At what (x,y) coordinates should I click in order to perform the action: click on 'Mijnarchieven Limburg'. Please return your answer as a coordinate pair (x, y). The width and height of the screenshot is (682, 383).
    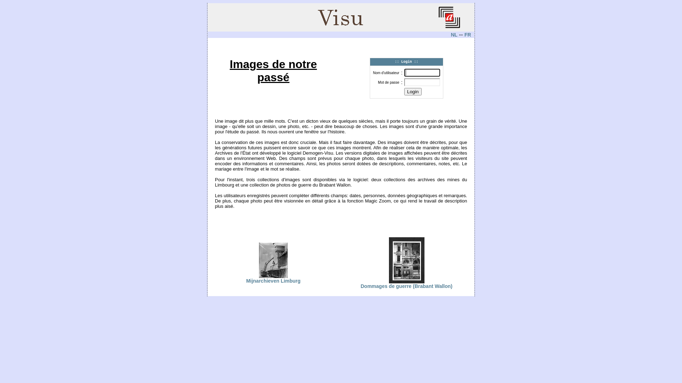
    Looking at the image, I should click on (273, 278).